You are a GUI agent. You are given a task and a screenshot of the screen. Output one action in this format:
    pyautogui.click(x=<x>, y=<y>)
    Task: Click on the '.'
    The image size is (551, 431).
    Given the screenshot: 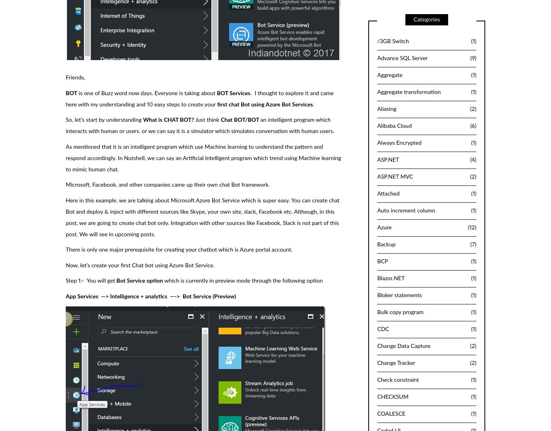 What is the action you would take?
    pyautogui.click(x=313, y=104)
    